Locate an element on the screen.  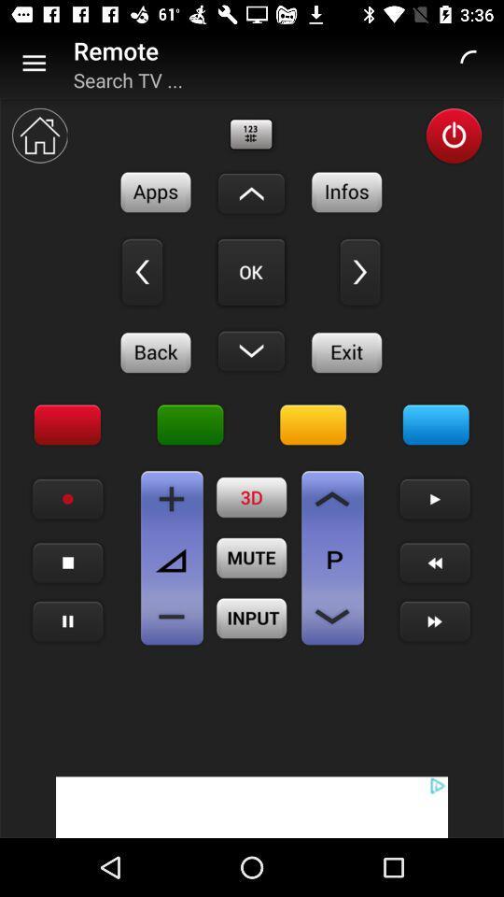
left button is located at coordinates (360, 271).